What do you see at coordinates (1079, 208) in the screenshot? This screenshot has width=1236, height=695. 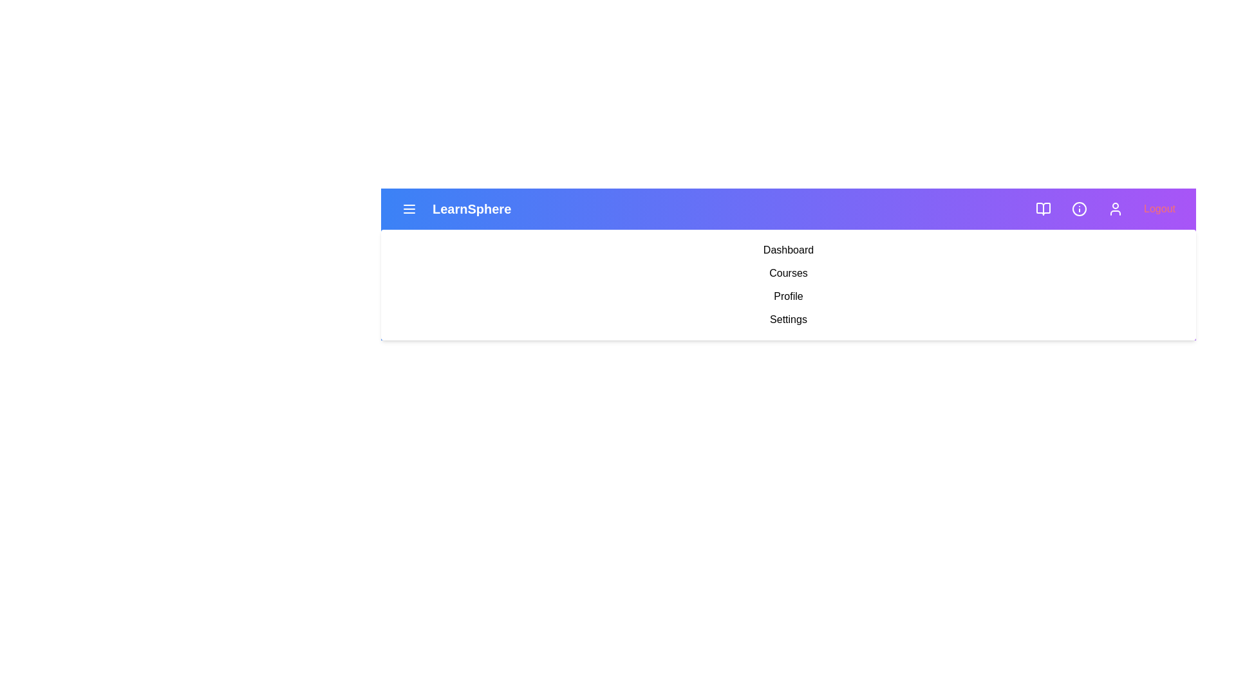 I see `the Info icon in the navigation bar` at bounding box center [1079, 208].